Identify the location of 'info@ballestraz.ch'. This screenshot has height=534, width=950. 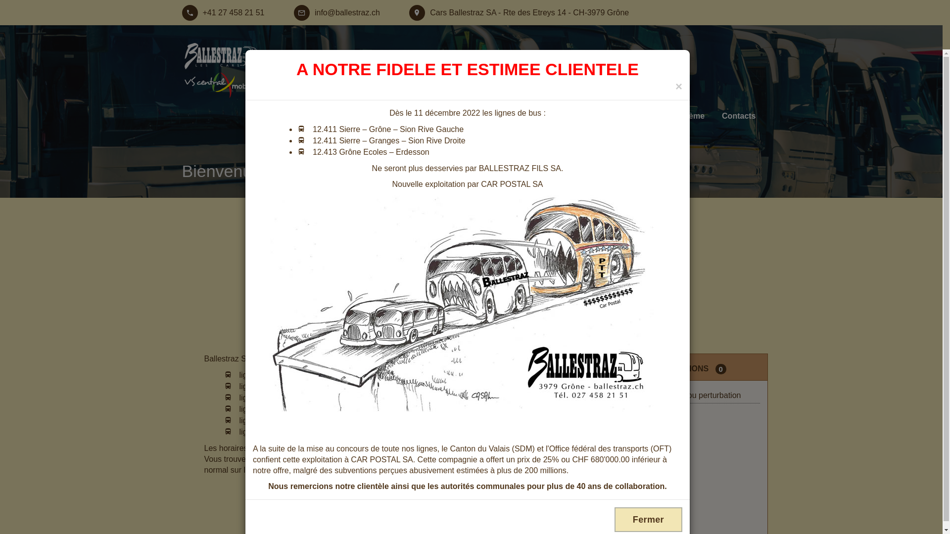
(337, 13).